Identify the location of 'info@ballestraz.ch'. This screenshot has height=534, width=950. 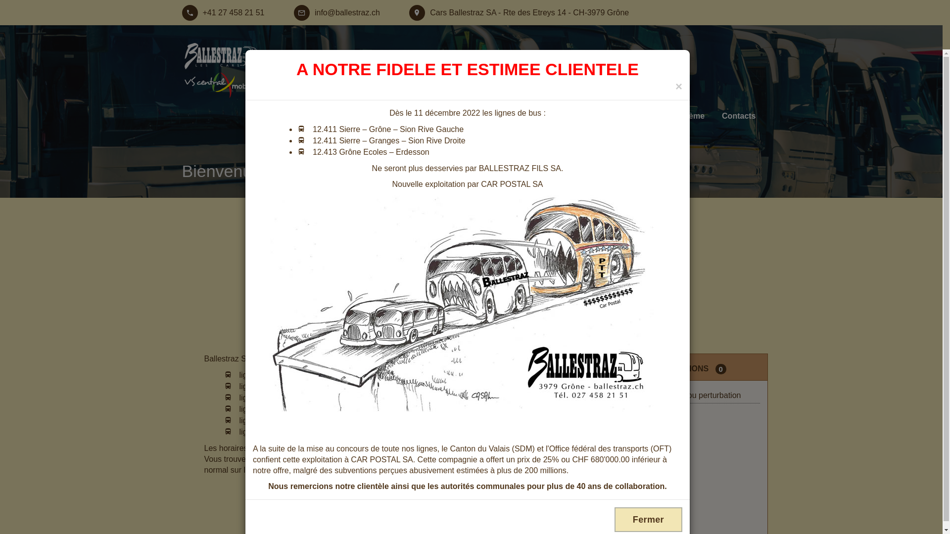
(337, 13).